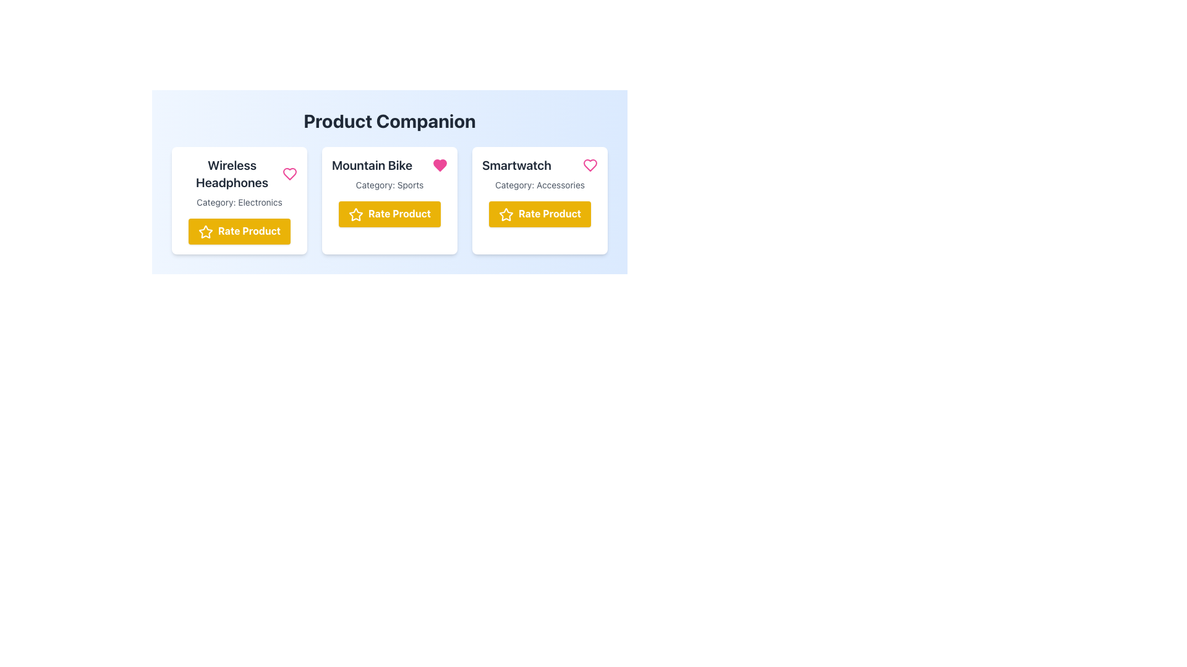  Describe the element at coordinates (372, 164) in the screenshot. I see `text 'Mountain Bike' displayed prominently in bold and large font within the white rectangular card` at that location.